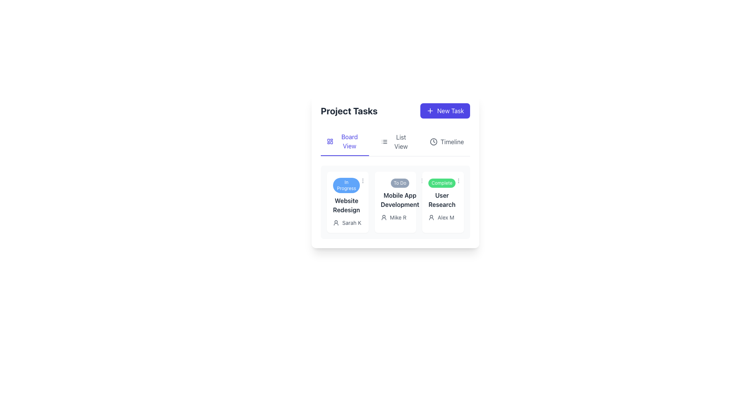  Describe the element at coordinates (349, 111) in the screenshot. I see `the static text element labeled 'Project Tasks', which provides context for the project tasks section` at that location.